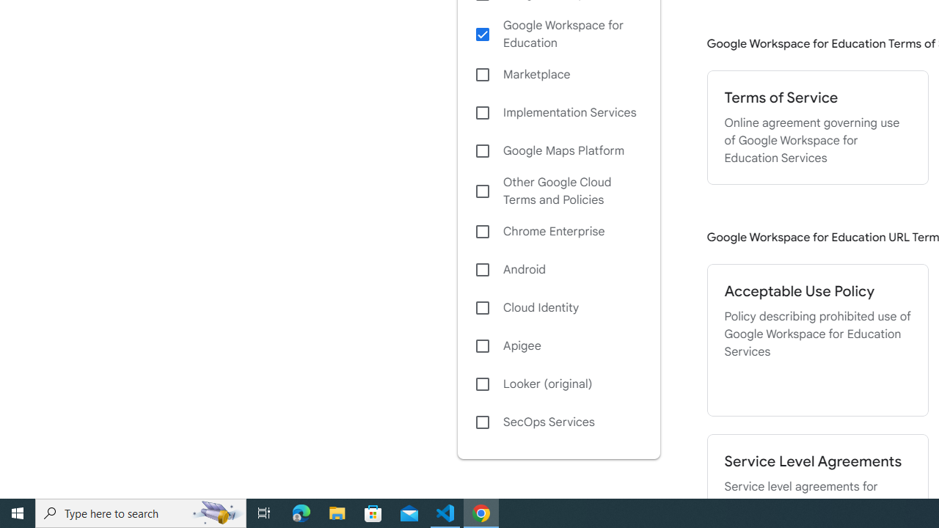 This screenshot has height=528, width=939. I want to click on 'SecOps Services', so click(558, 422).